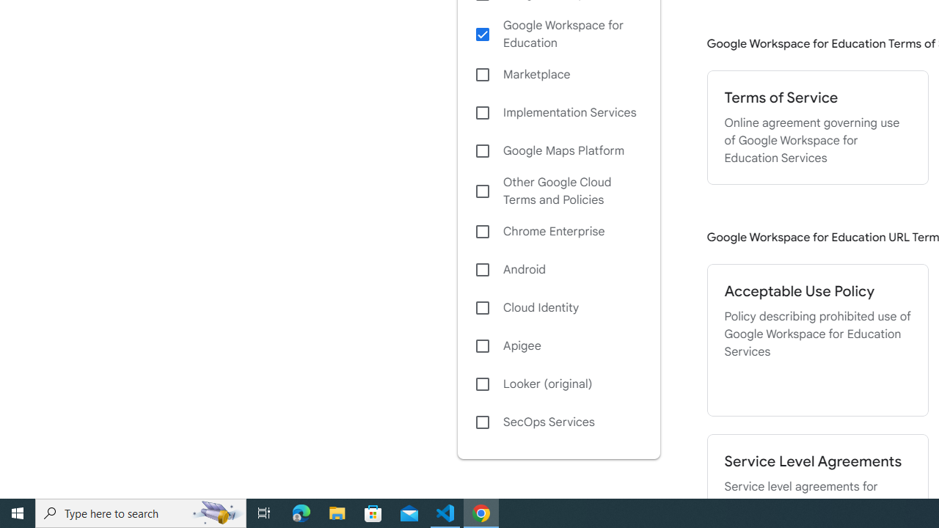 This screenshot has height=528, width=939. I want to click on 'SecOps Services', so click(558, 422).